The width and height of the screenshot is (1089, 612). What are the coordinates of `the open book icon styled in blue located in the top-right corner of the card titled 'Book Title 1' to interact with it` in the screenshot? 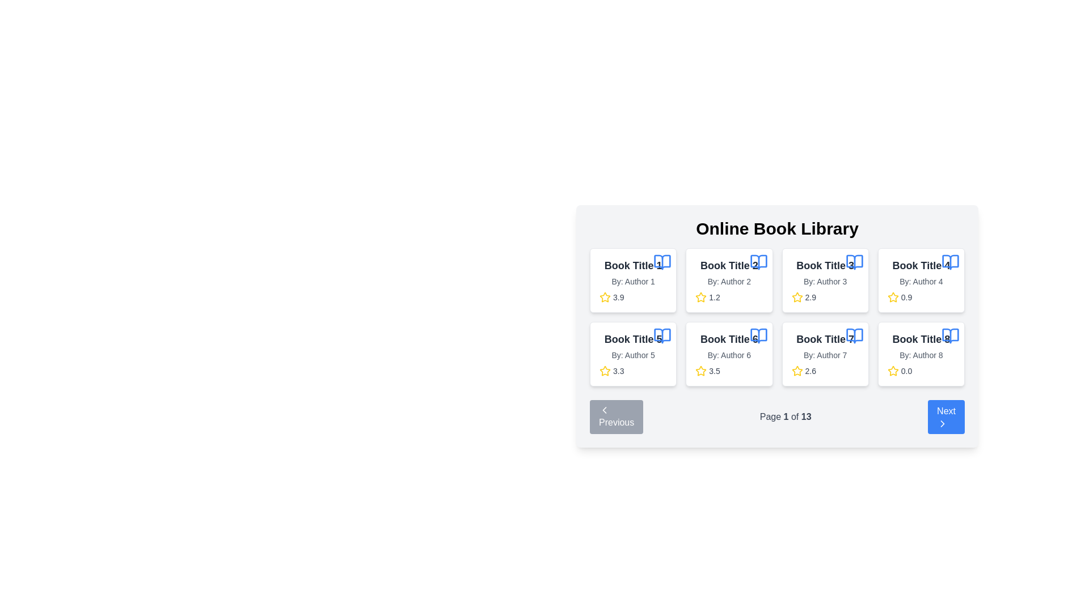 It's located at (662, 262).